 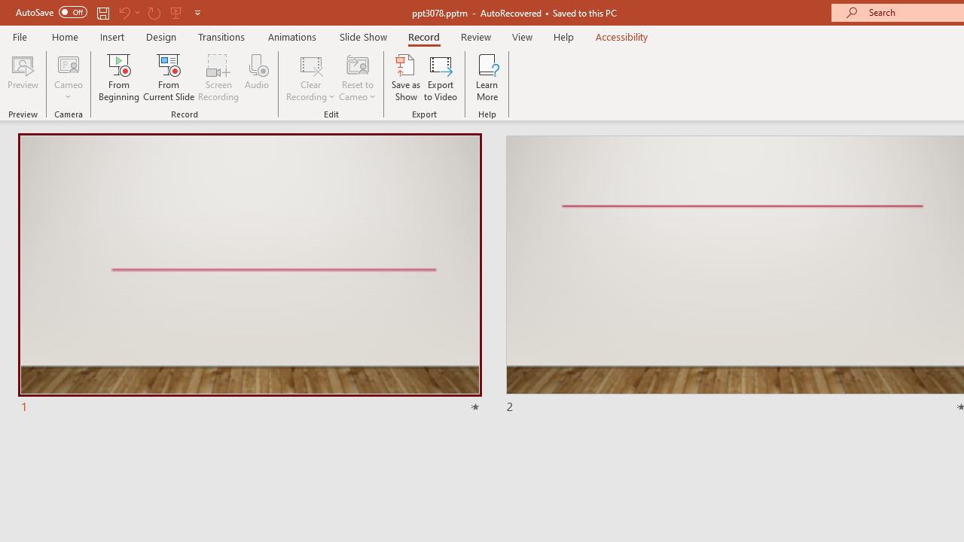 I want to click on 'Reset to Cameo', so click(x=356, y=78).